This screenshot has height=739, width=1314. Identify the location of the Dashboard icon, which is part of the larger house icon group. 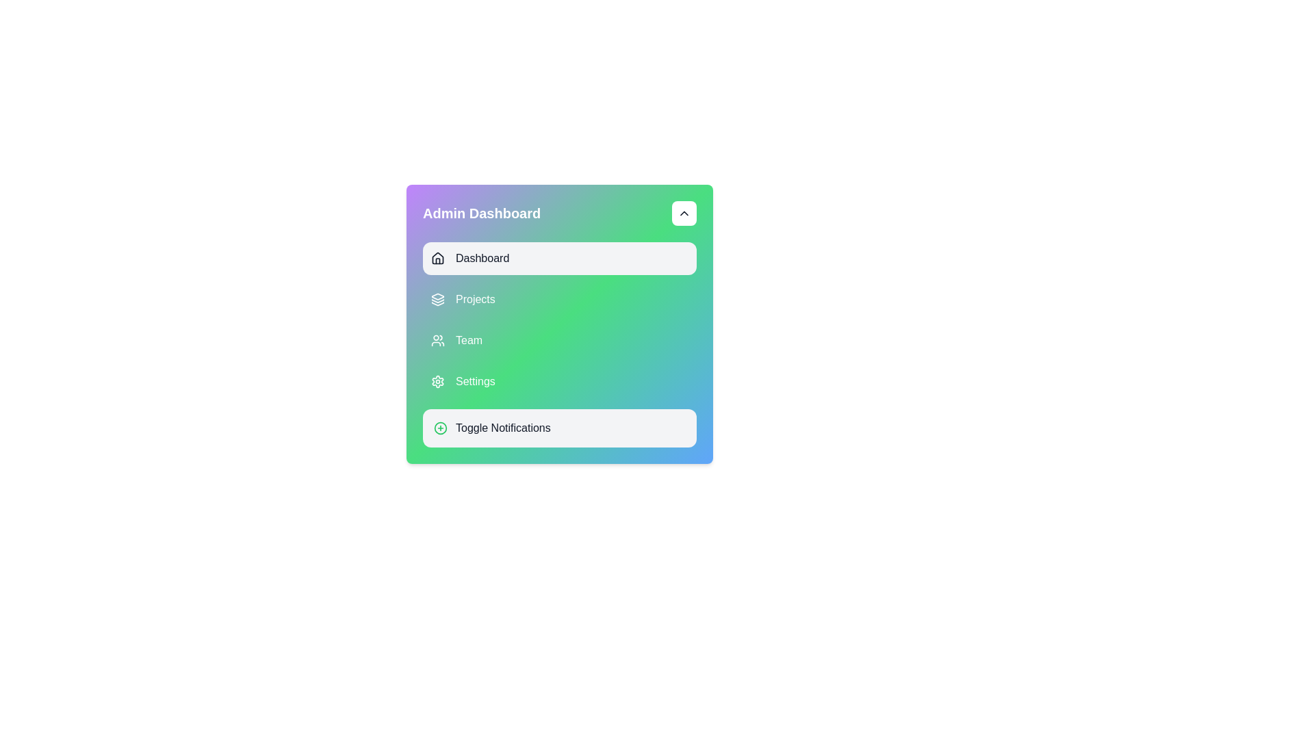
(437, 258).